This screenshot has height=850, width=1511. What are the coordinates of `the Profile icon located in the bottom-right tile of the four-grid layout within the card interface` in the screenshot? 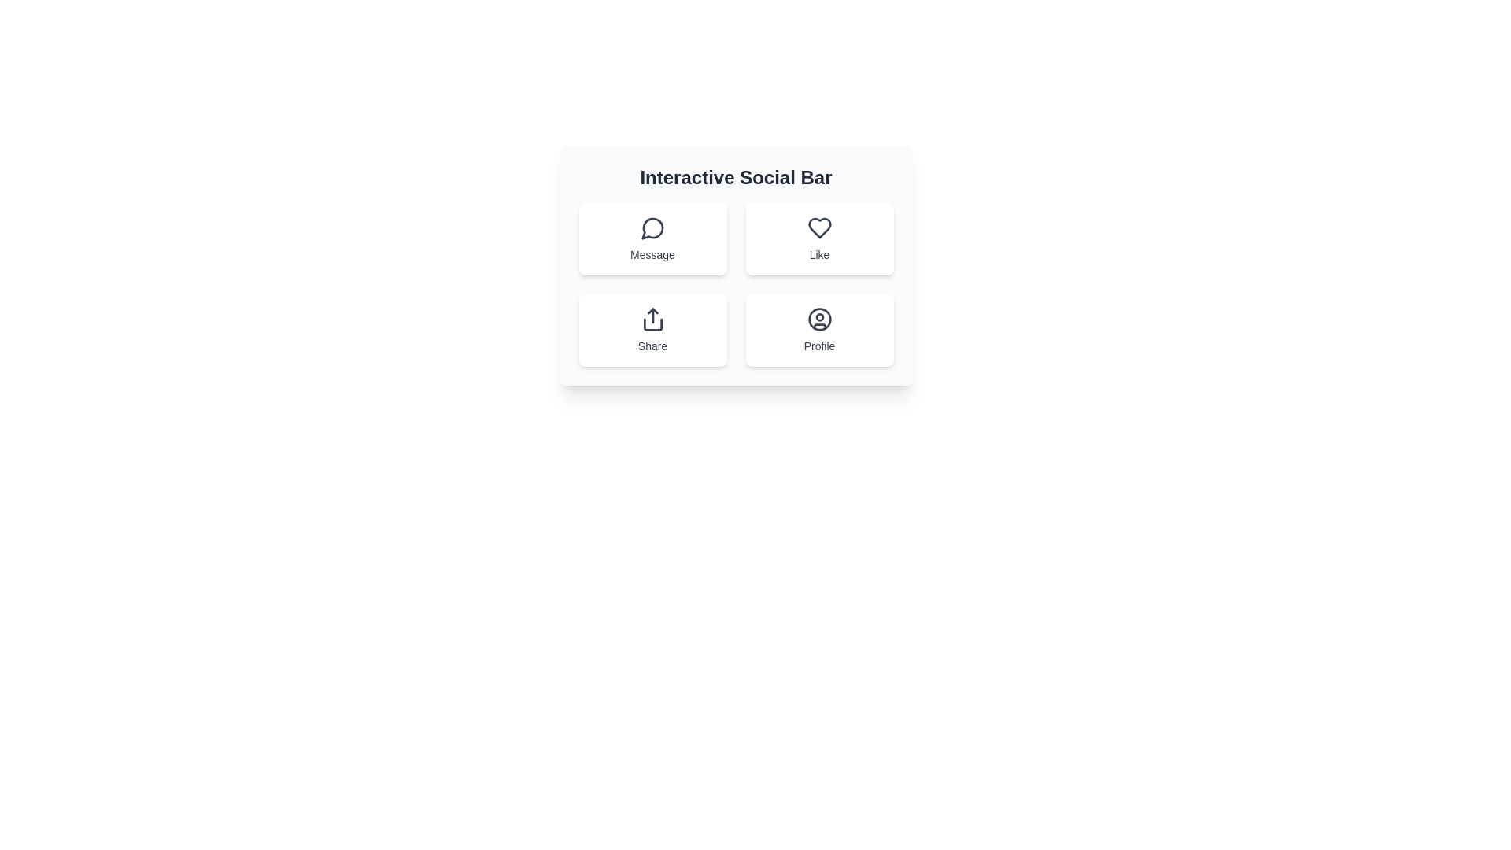 It's located at (818, 319).